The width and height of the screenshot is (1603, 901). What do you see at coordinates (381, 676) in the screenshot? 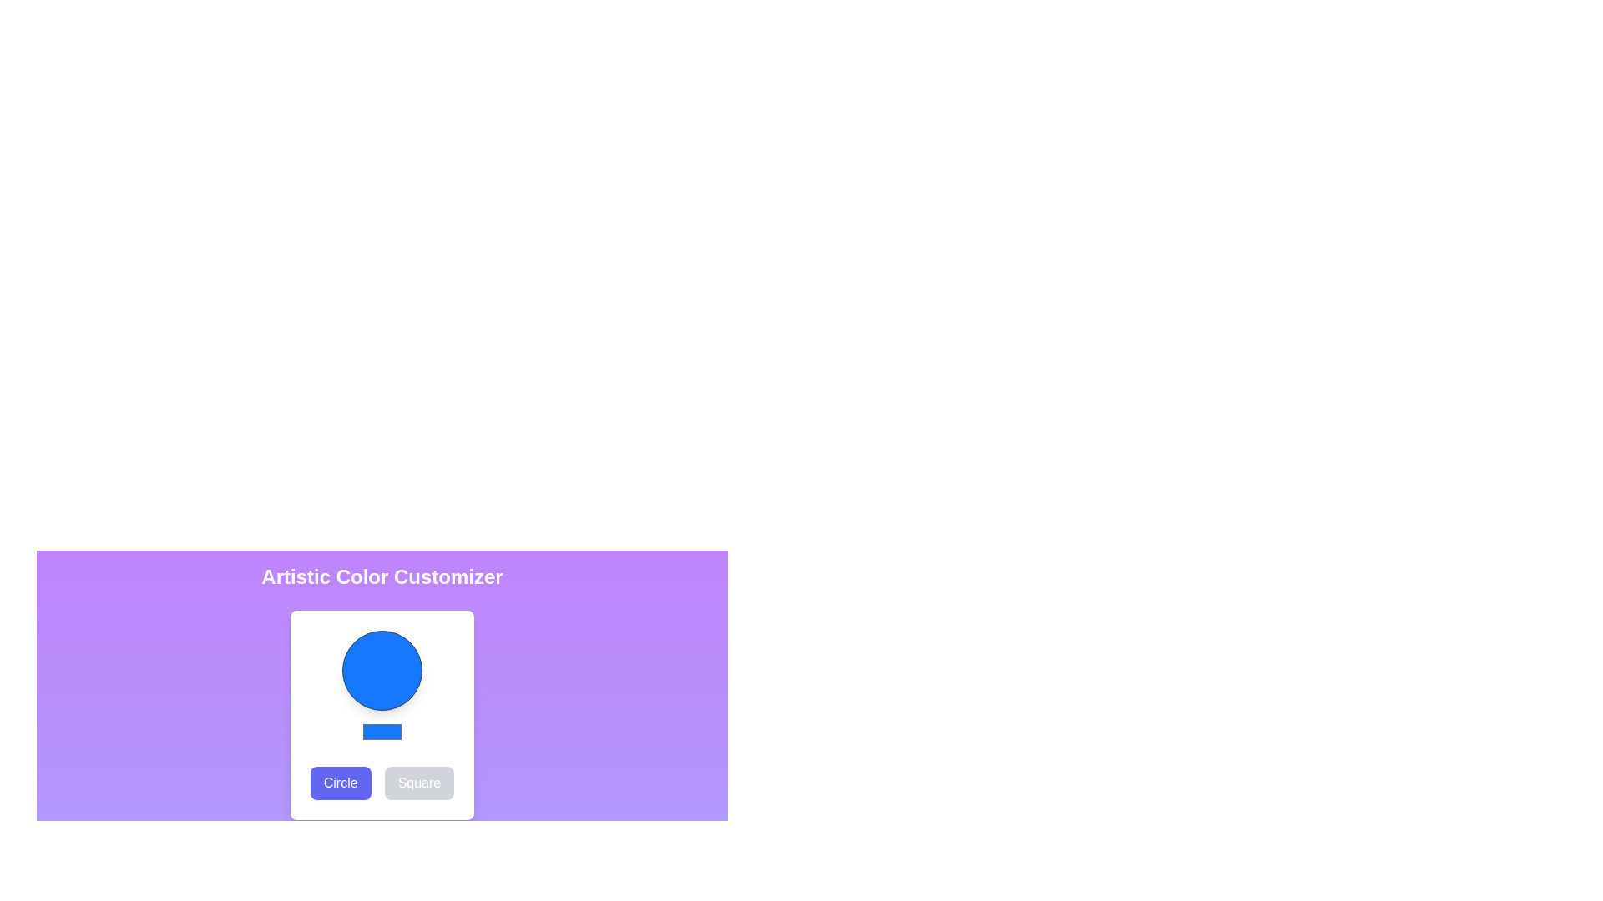
I see `the rounded blue color picker button located on the right side of its sibling elements, below a larger circular button and above two rectangular buttons labeled 'Circle' and 'Square'` at bounding box center [381, 676].